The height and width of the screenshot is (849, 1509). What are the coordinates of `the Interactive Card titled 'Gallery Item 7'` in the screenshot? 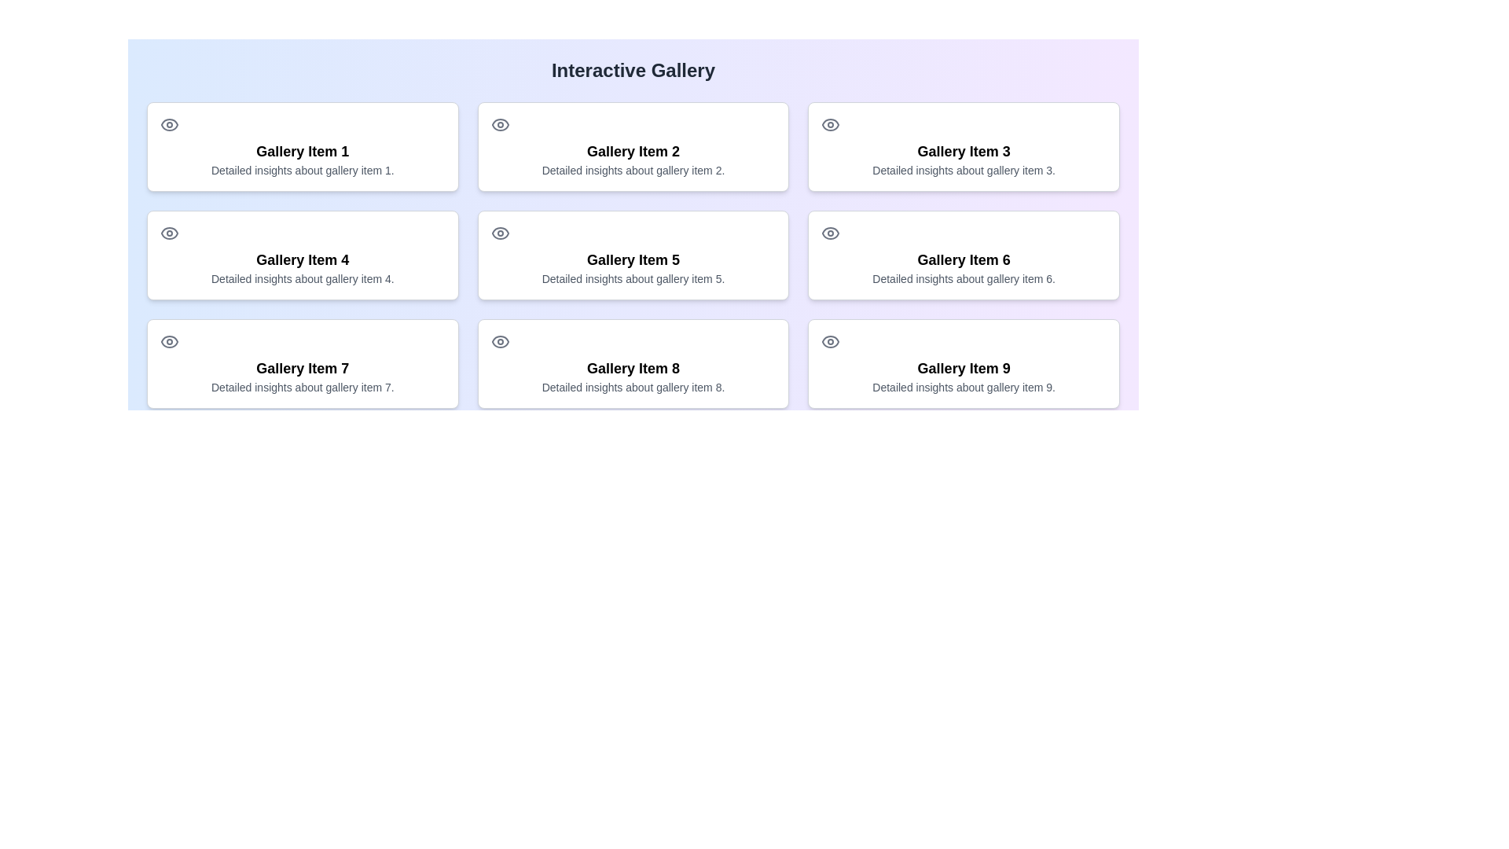 It's located at (303, 363).